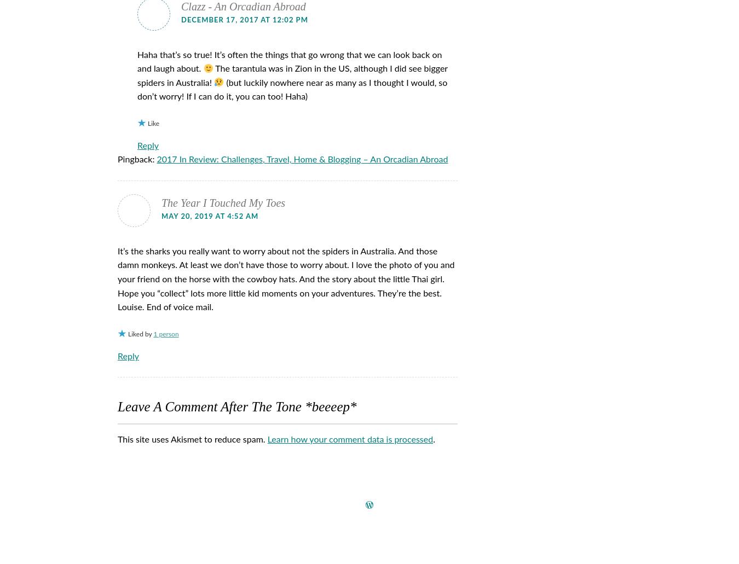 The width and height of the screenshot is (739, 564). What do you see at coordinates (118, 439) in the screenshot?
I see `'This site uses Akismet to reduce spam.'` at bounding box center [118, 439].